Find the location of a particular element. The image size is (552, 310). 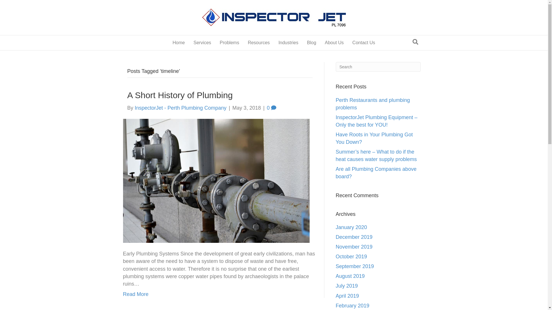

'About Us' is located at coordinates (334, 42).